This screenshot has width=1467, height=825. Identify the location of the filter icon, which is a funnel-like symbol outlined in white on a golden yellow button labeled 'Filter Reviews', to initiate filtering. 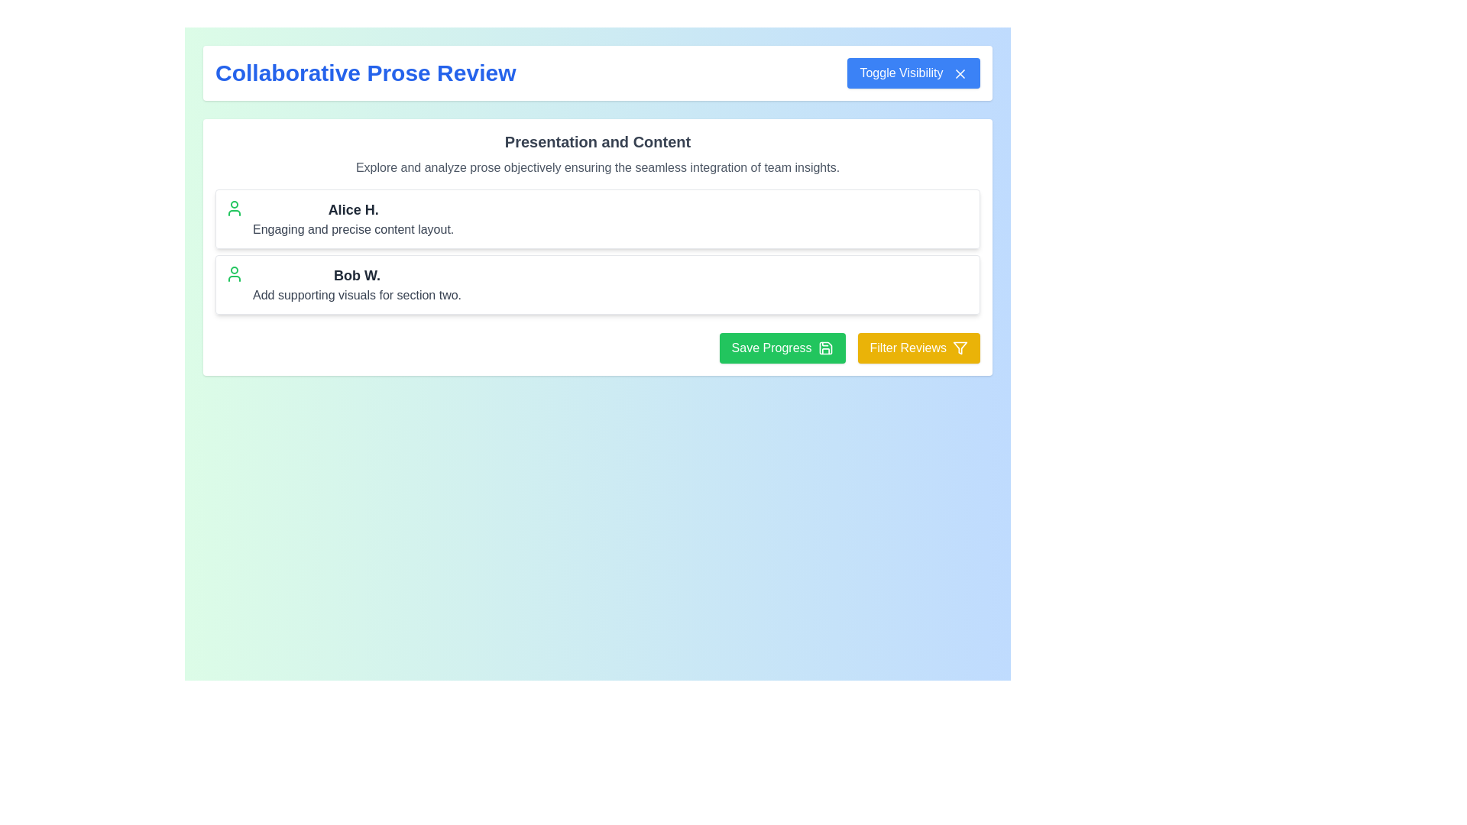
(960, 348).